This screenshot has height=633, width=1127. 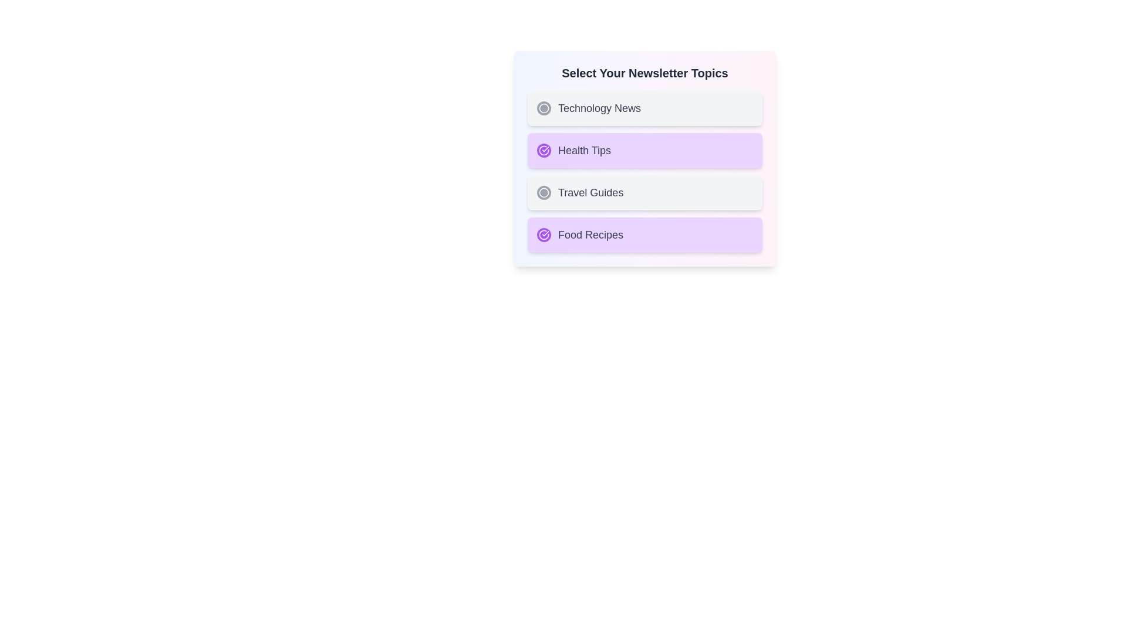 I want to click on the topic Technology News, so click(x=645, y=108).